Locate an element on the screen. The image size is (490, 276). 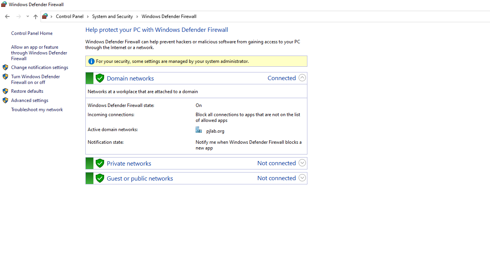
'Up band toolbar' is located at coordinates (35, 17).